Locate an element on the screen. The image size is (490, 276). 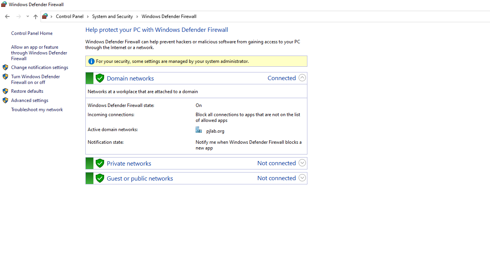
'Up band toolbar' is located at coordinates (35, 17).